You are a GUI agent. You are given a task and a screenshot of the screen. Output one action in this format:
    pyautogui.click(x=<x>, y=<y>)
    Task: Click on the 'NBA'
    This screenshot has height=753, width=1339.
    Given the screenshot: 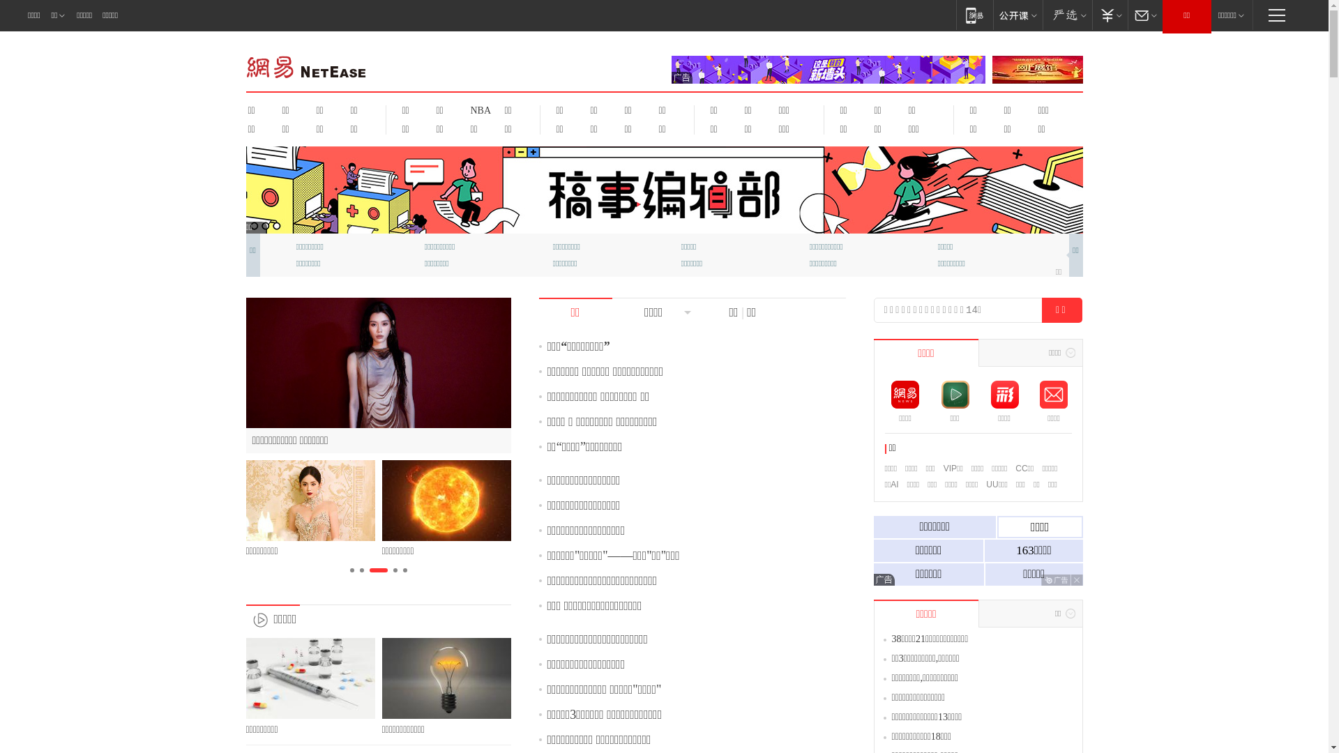 What is the action you would take?
    pyautogui.click(x=462, y=109)
    